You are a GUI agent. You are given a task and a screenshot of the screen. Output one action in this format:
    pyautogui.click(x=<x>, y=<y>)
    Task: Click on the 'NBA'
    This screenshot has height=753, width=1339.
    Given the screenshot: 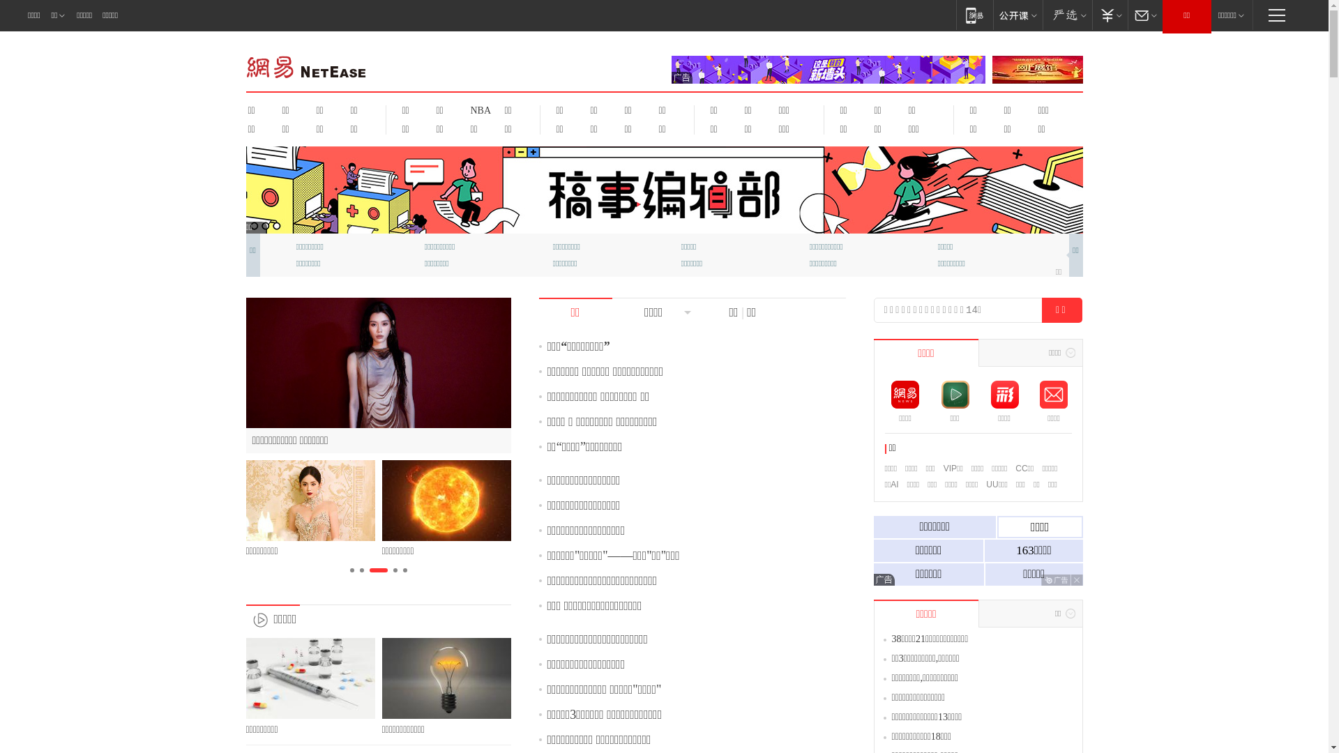 What is the action you would take?
    pyautogui.click(x=462, y=109)
    